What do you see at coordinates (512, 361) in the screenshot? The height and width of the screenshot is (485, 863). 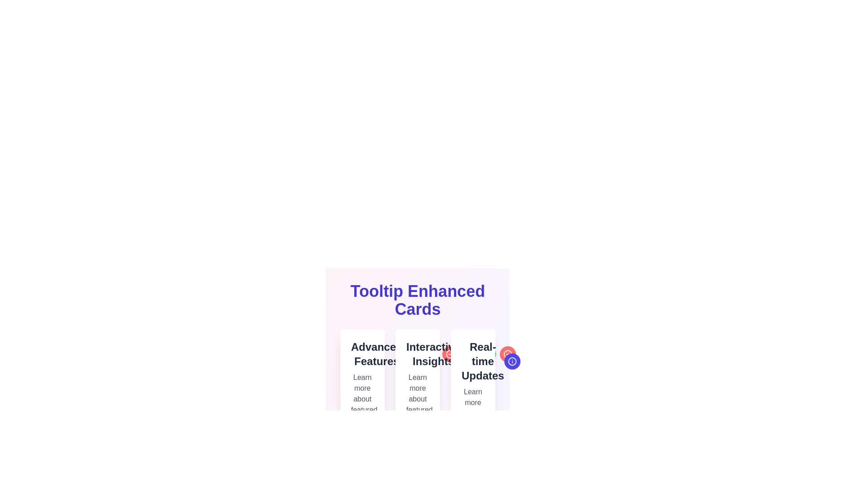 I see `the Circular SVG graphic located at the bottom-right corner of the 'Real-time Updates' card` at bounding box center [512, 361].